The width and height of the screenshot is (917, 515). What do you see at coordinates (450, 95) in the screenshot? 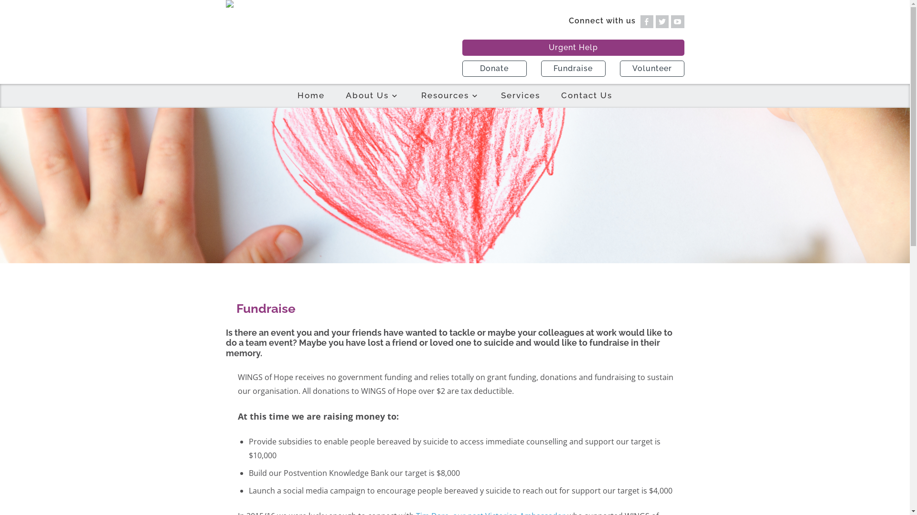
I see `'Resources'` at bounding box center [450, 95].